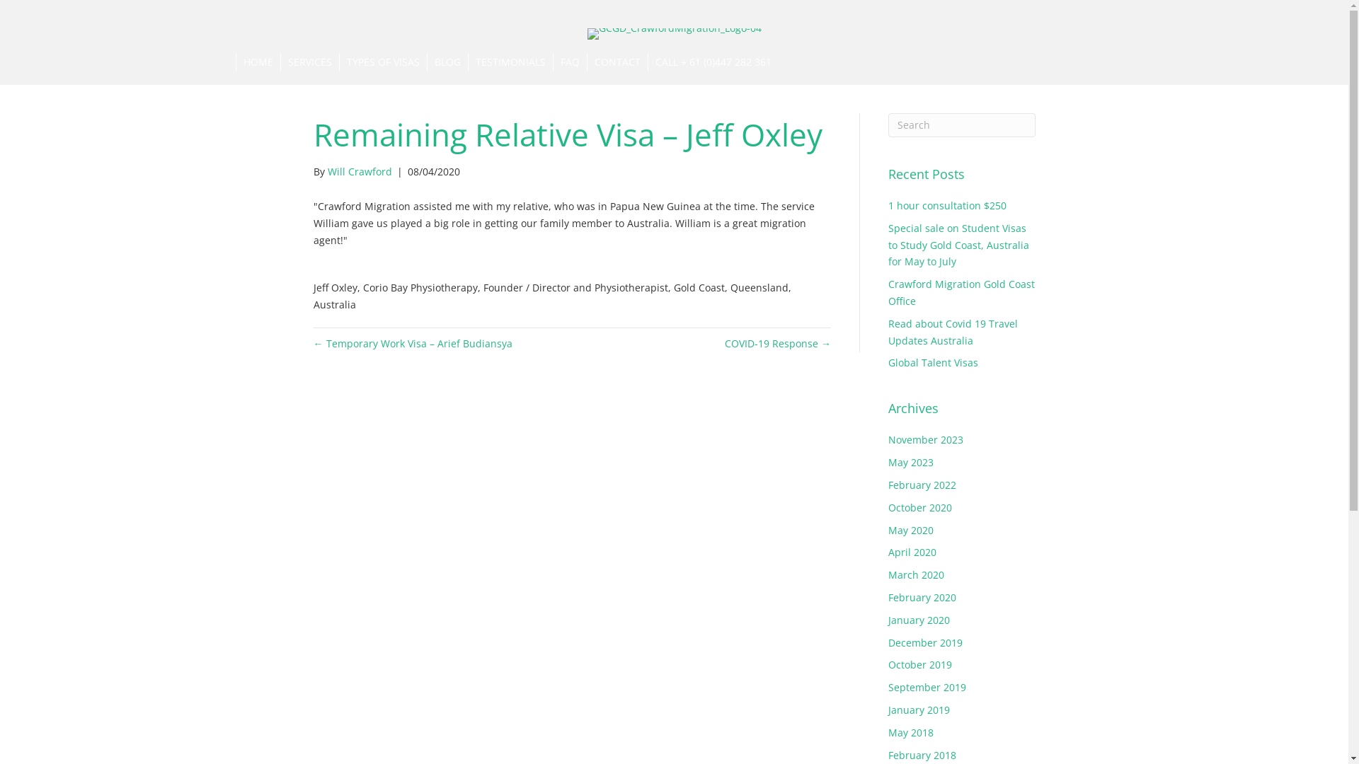 The width and height of the screenshot is (1359, 764). What do you see at coordinates (920, 507) in the screenshot?
I see `'October 2020'` at bounding box center [920, 507].